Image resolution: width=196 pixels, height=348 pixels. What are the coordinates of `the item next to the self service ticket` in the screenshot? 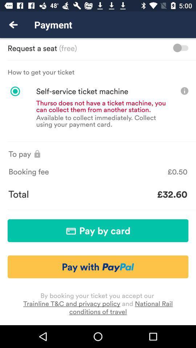 It's located at (184, 90).